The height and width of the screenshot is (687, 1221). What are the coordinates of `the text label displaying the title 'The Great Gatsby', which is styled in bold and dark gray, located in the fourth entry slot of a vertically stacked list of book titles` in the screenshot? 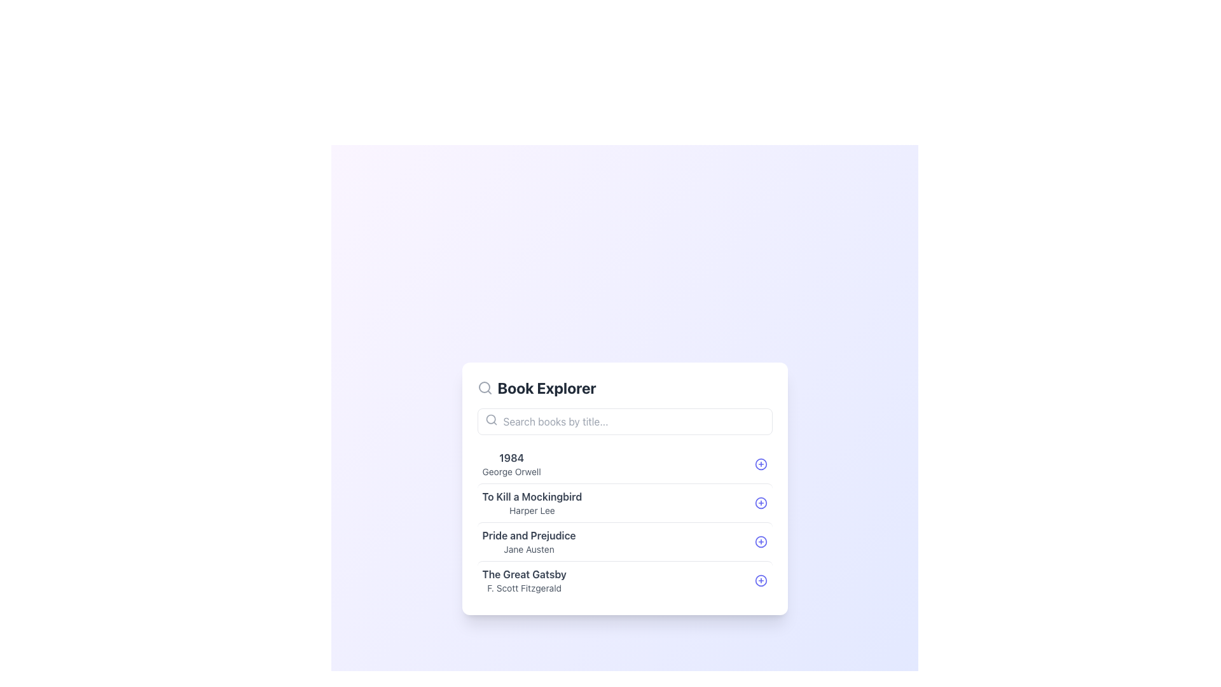 It's located at (524, 574).